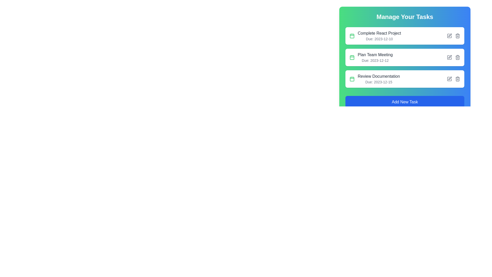 The width and height of the screenshot is (492, 277). I want to click on the edit icon located at the end of the details line for the task titled 'Review Documentation', which is the first interactive icon for editing, so click(449, 79).